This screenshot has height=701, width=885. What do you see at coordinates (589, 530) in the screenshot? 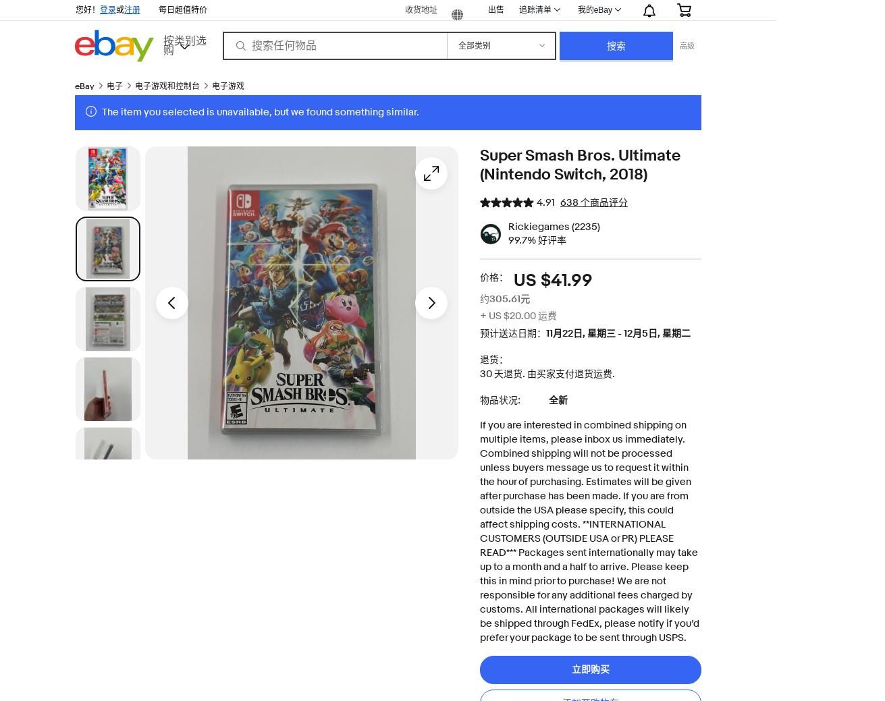
I see `'If you are interested in combined shipping on multiple items, please inbox us immediately. Combined shipping will not be processed unless buyers message us to request it within the hour of purchasing. Estimates will be given after purchase has been made. If you are from outside the USA please specify, this could affect shipping costs. **INTERNATIONAL CUSTOMERS (OUTSIDE USA or PR) PLEASE READ*** Packages sent internationally may take up to a month and a half to arrive. Please keep this in mind prior to purchase! We are not responsible for any additional fees charged by customs. All international packages will likely be shipped through FedEx, please notify if you’d prefer your package to be sent through USPS.'` at bounding box center [589, 530].